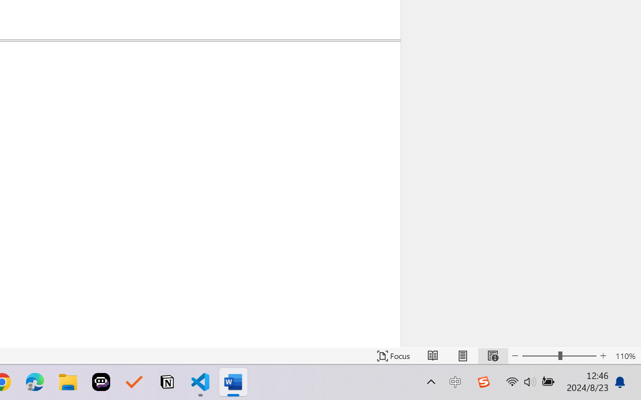 Image resolution: width=641 pixels, height=400 pixels. What do you see at coordinates (625, 355) in the screenshot?
I see `'Zoom 110%'` at bounding box center [625, 355].